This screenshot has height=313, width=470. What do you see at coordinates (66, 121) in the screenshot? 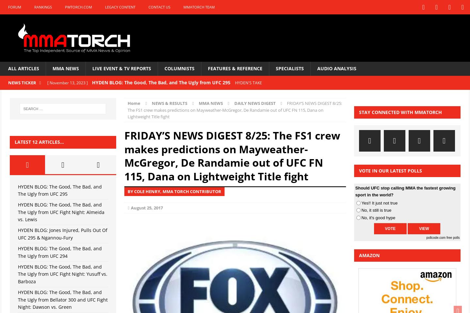
I see `'[ October 30, 2023 ]'` at bounding box center [66, 121].